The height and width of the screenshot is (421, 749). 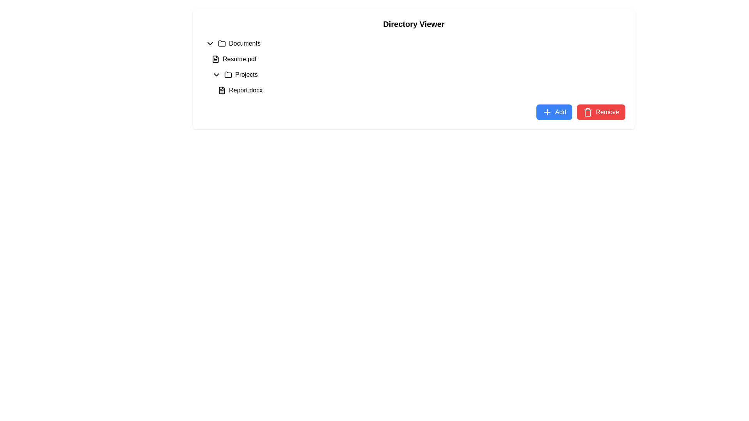 I want to click on the first interactive button in the bottom-right corner of the main interface section, so click(x=554, y=112).